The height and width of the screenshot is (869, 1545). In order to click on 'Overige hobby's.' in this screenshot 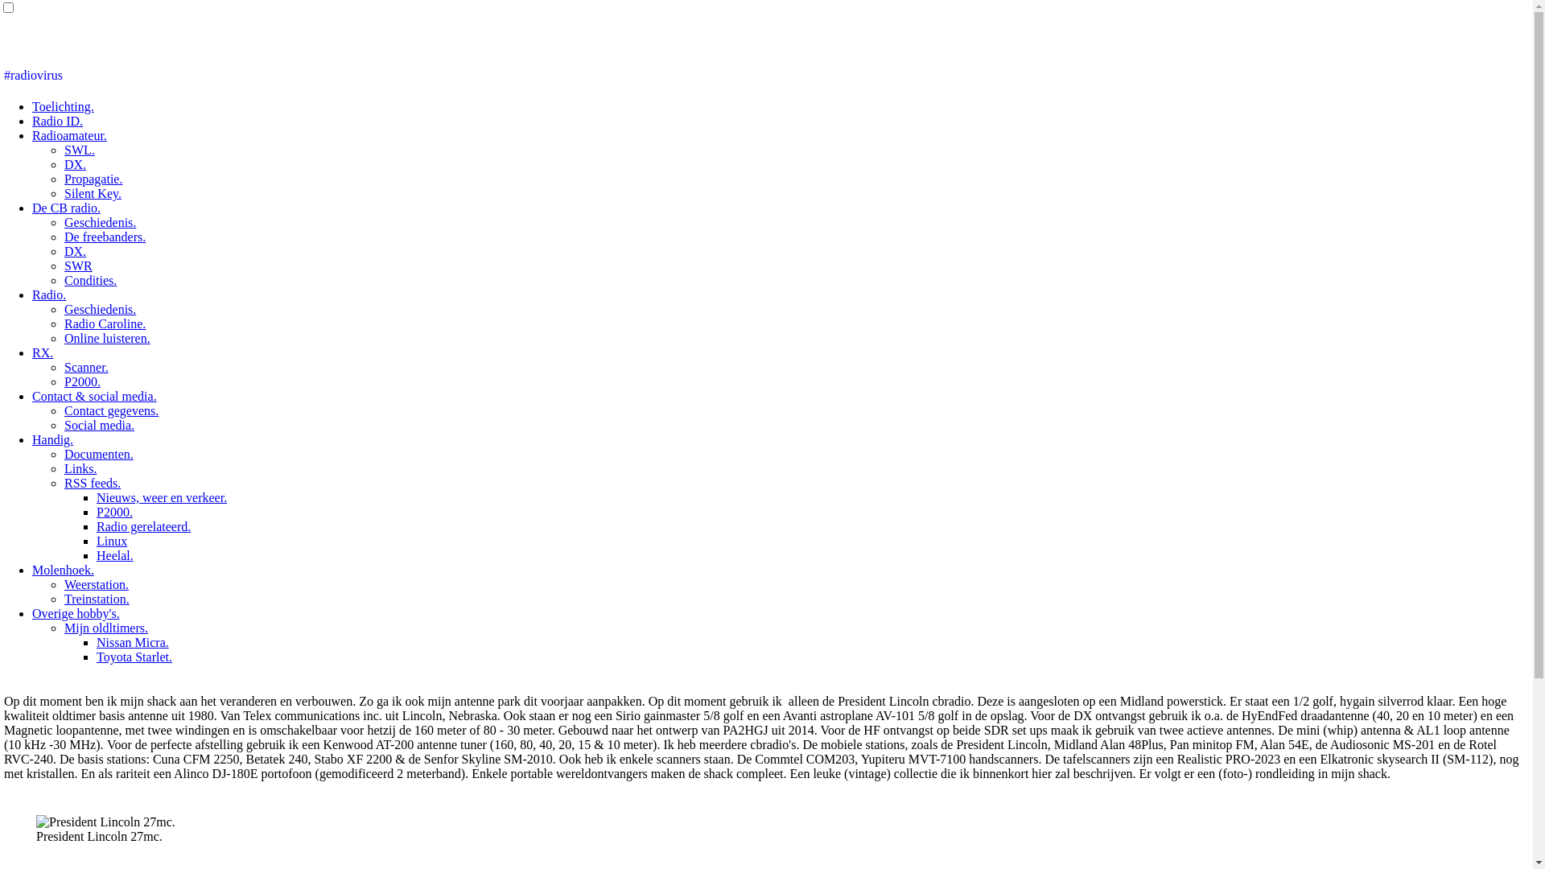, I will do `click(75, 613)`.